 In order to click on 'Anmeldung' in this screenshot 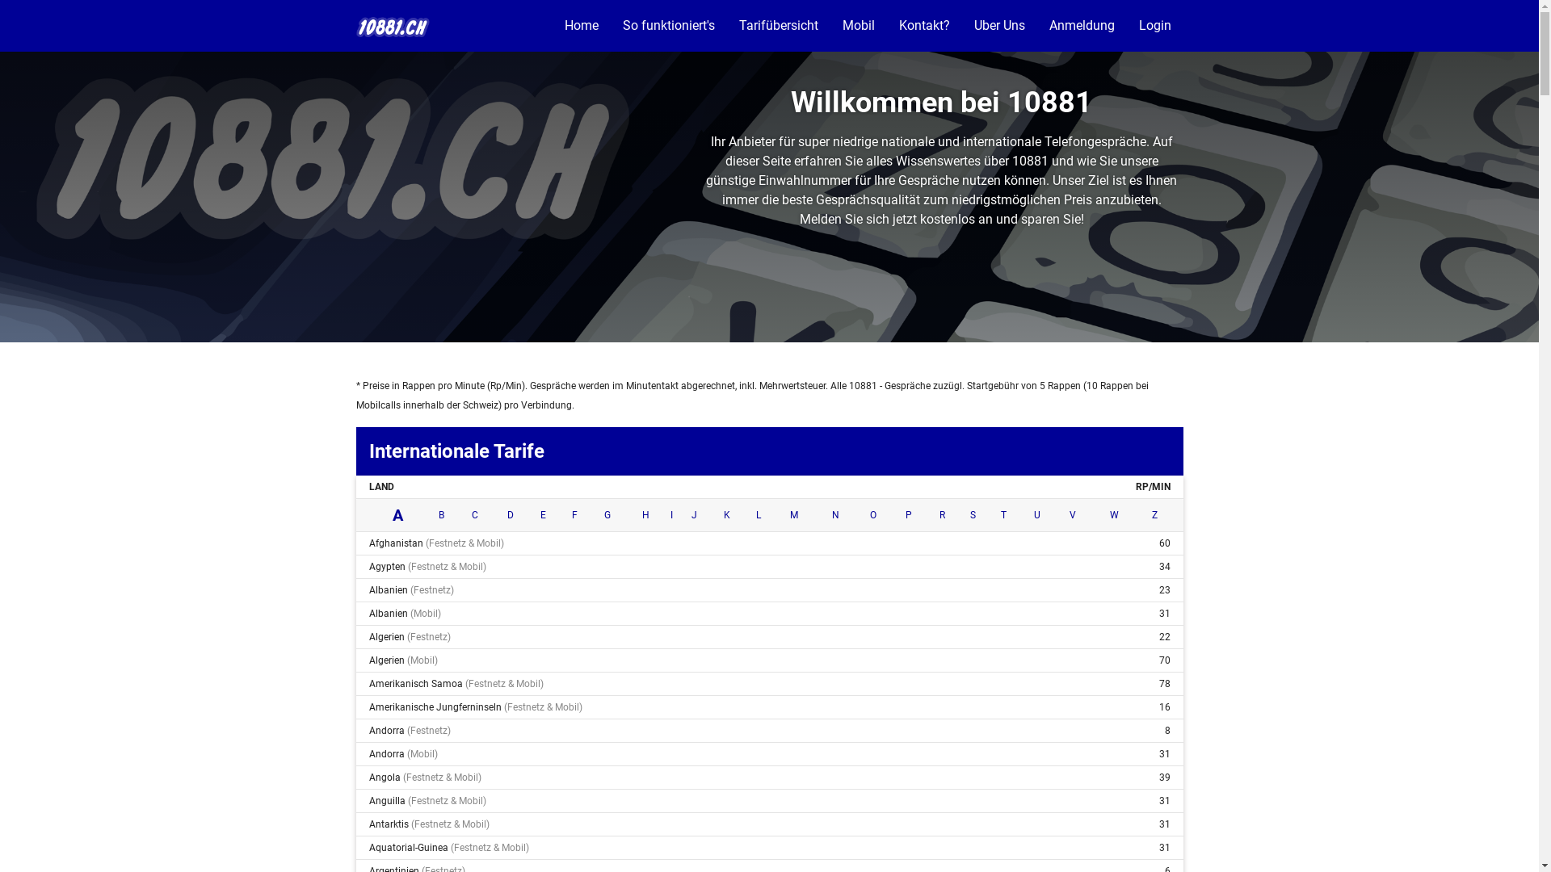, I will do `click(1036, 25)`.